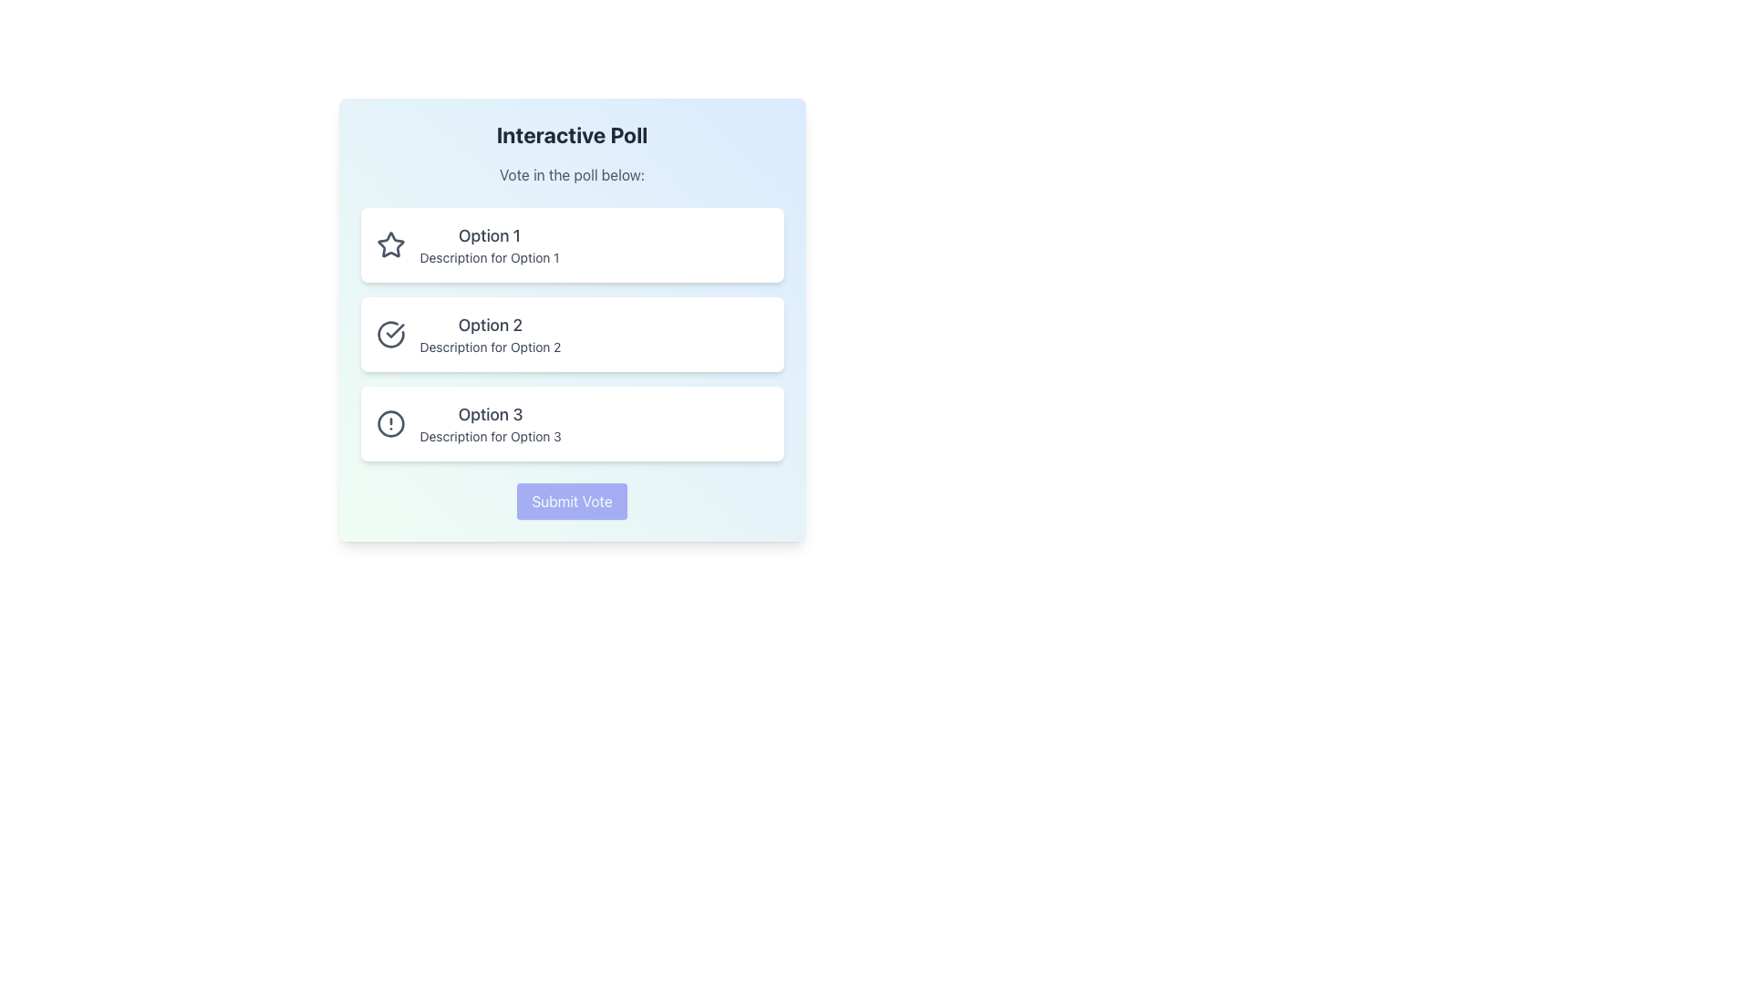 The width and height of the screenshot is (1751, 985). I want to click on the text component that reads 'Description for Option 3', which is located below the title 'Option 3' within its clickable card element, so click(491, 436).